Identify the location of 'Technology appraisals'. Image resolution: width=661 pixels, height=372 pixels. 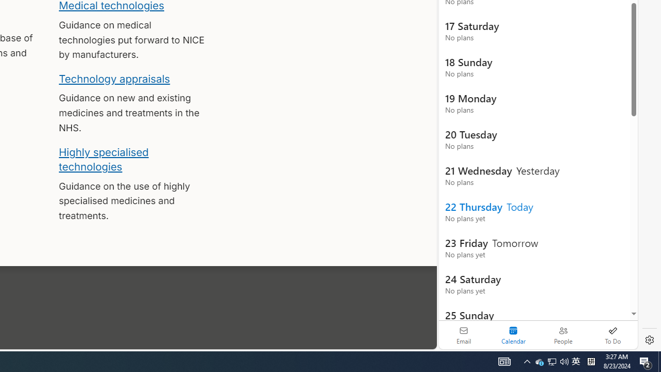
(115, 79).